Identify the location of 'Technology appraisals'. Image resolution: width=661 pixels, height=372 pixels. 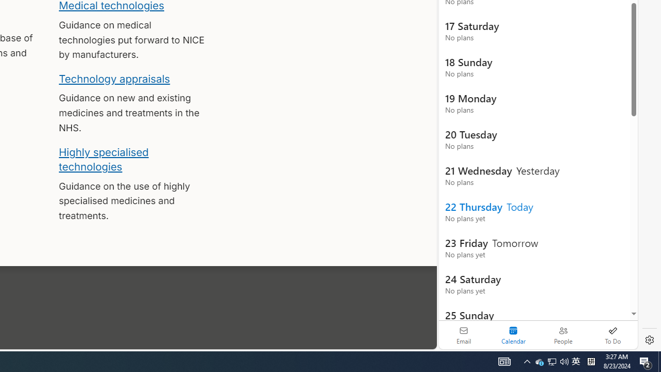
(115, 79).